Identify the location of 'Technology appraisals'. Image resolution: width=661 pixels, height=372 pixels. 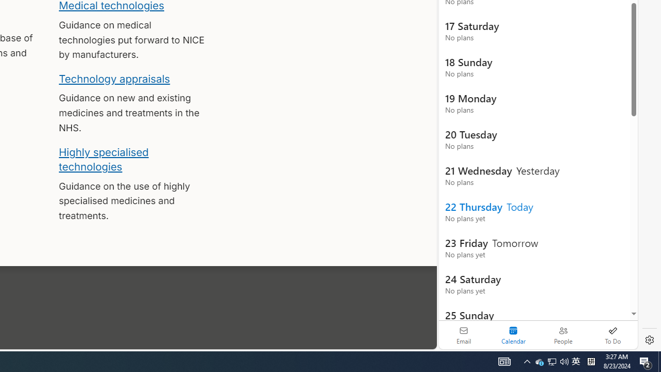
(115, 79).